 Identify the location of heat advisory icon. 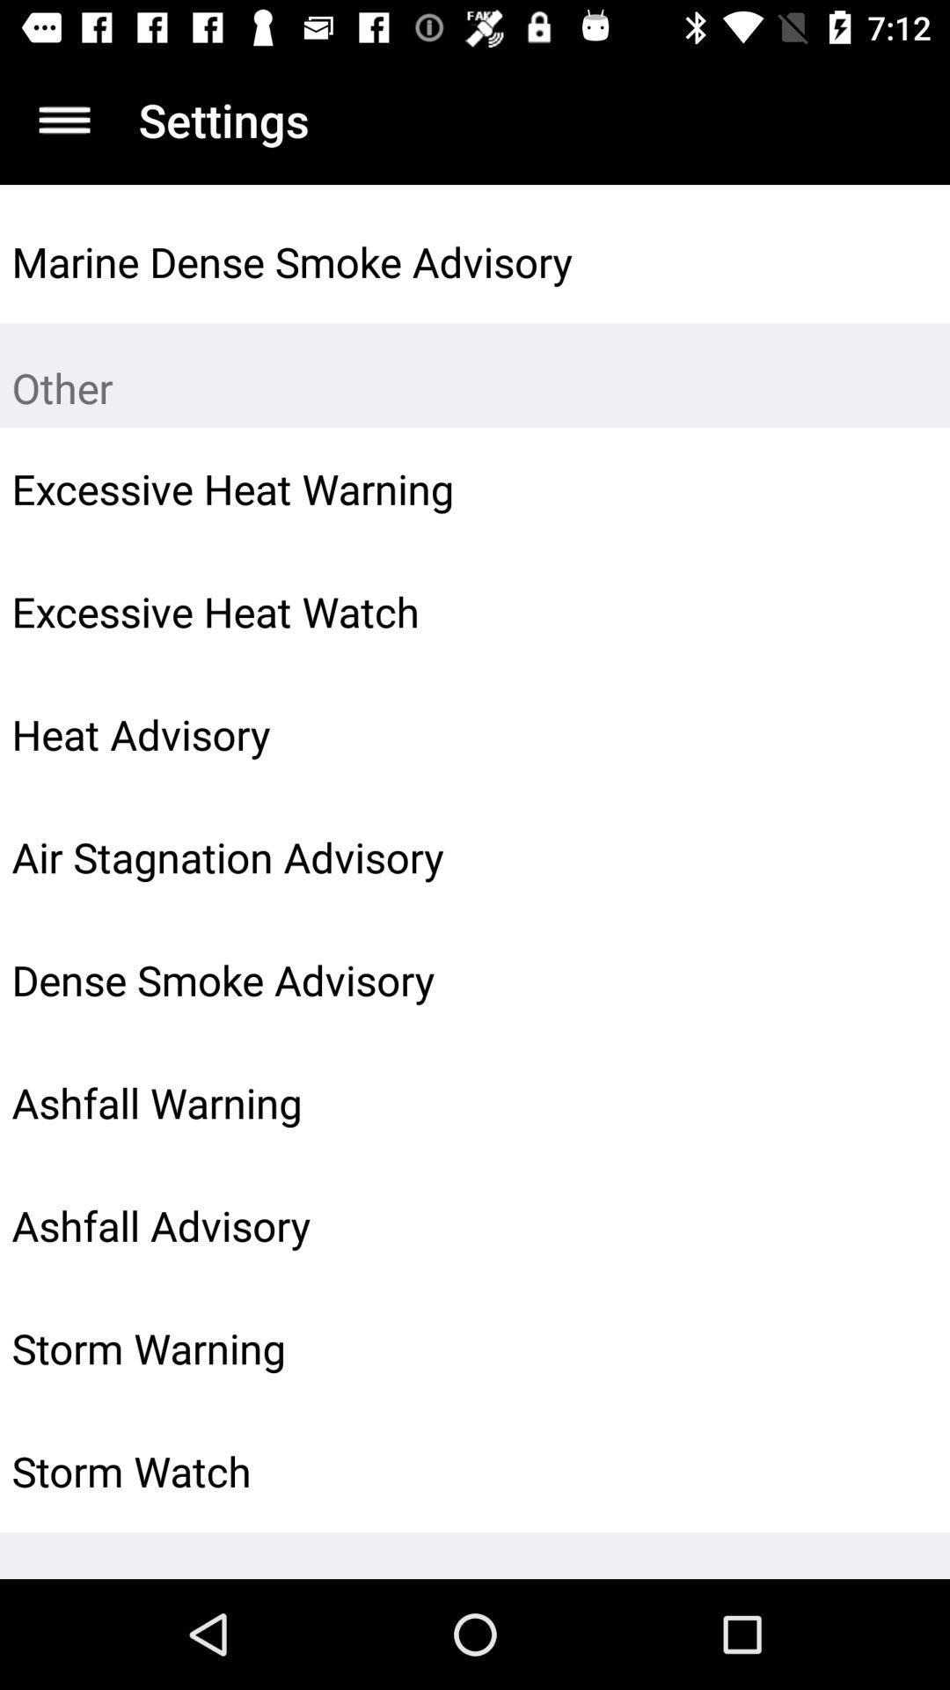
(425, 734).